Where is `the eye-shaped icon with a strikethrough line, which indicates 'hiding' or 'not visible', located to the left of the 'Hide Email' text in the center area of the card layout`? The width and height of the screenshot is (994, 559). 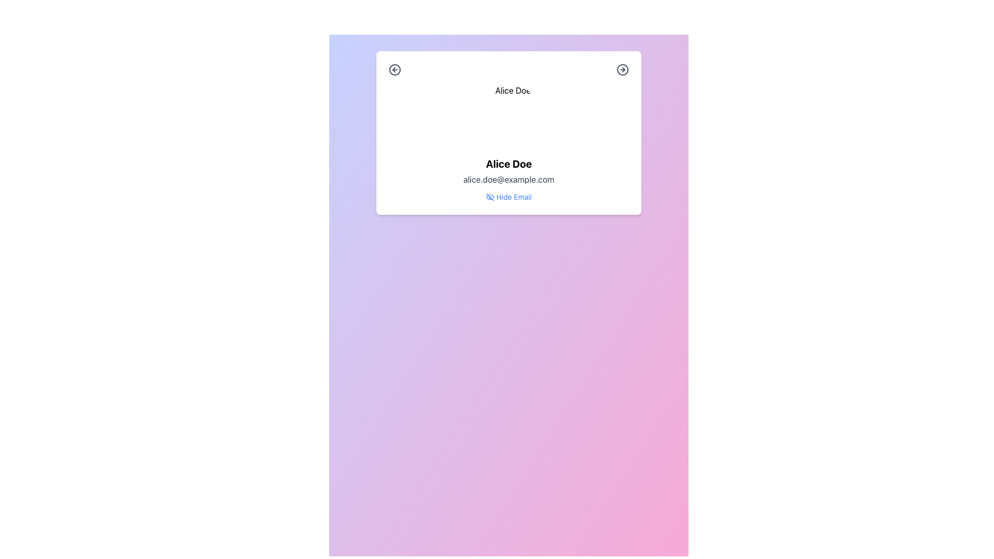
the eye-shaped icon with a strikethrough line, which indicates 'hiding' or 'not visible', located to the left of the 'Hide Email' text in the center area of the card layout is located at coordinates (489, 197).